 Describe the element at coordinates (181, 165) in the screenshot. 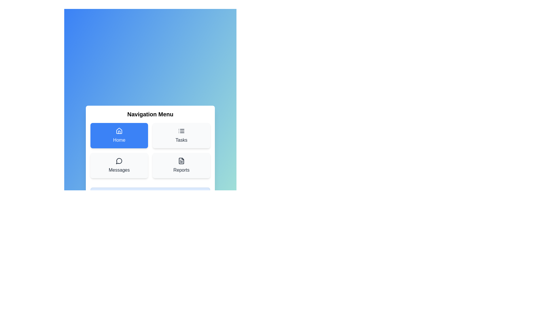

I see `the menu item Reports to display its details` at that location.